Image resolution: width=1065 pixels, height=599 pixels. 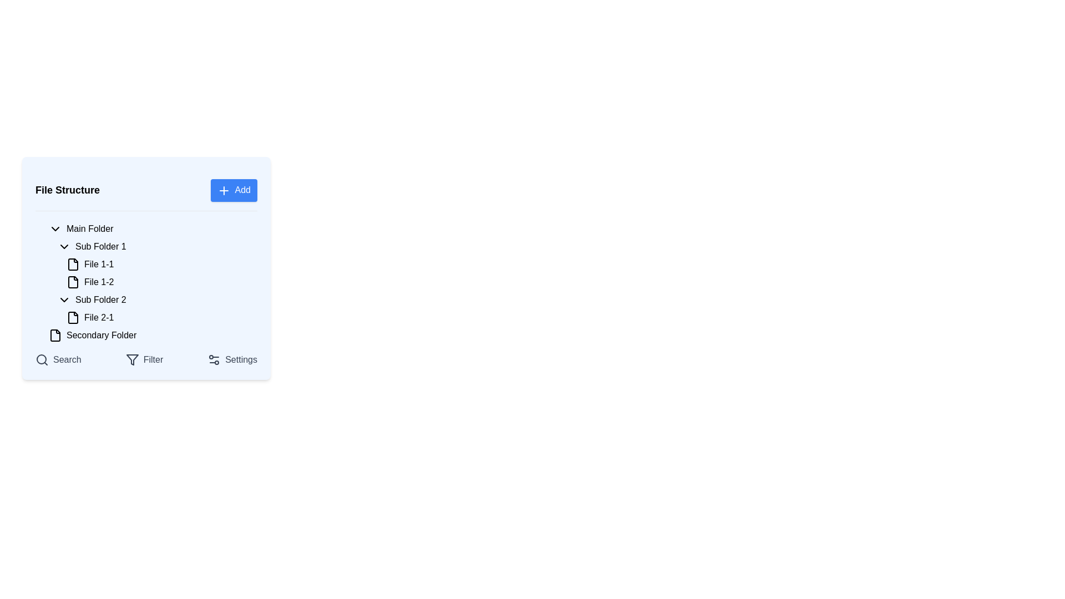 I want to click on the document icon located near the left side of the item labeled 'File 1-1' within 'Sub Folder 1' under the 'Main Folder' section, so click(x=73, y=263).